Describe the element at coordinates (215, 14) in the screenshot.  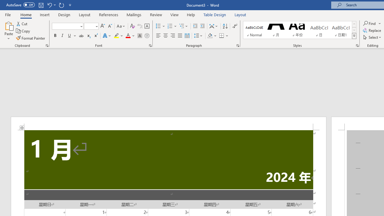
I see `'Table Design'` at that location.